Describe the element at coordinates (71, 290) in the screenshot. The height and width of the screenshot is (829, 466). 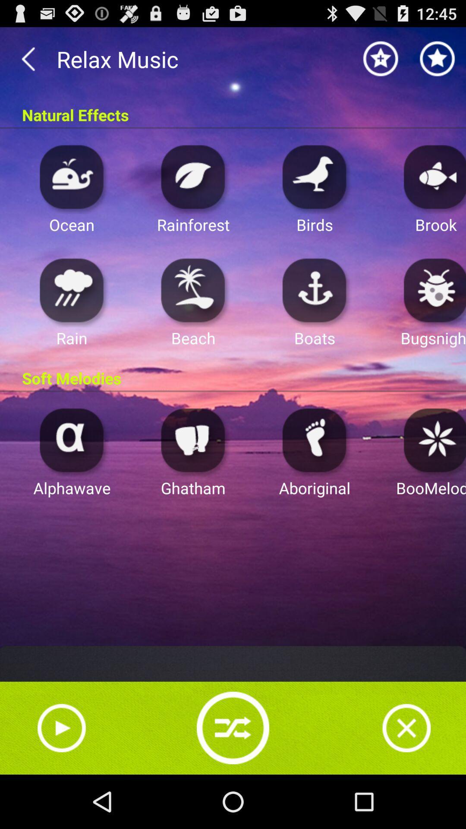
I see `rain sound` at that location.